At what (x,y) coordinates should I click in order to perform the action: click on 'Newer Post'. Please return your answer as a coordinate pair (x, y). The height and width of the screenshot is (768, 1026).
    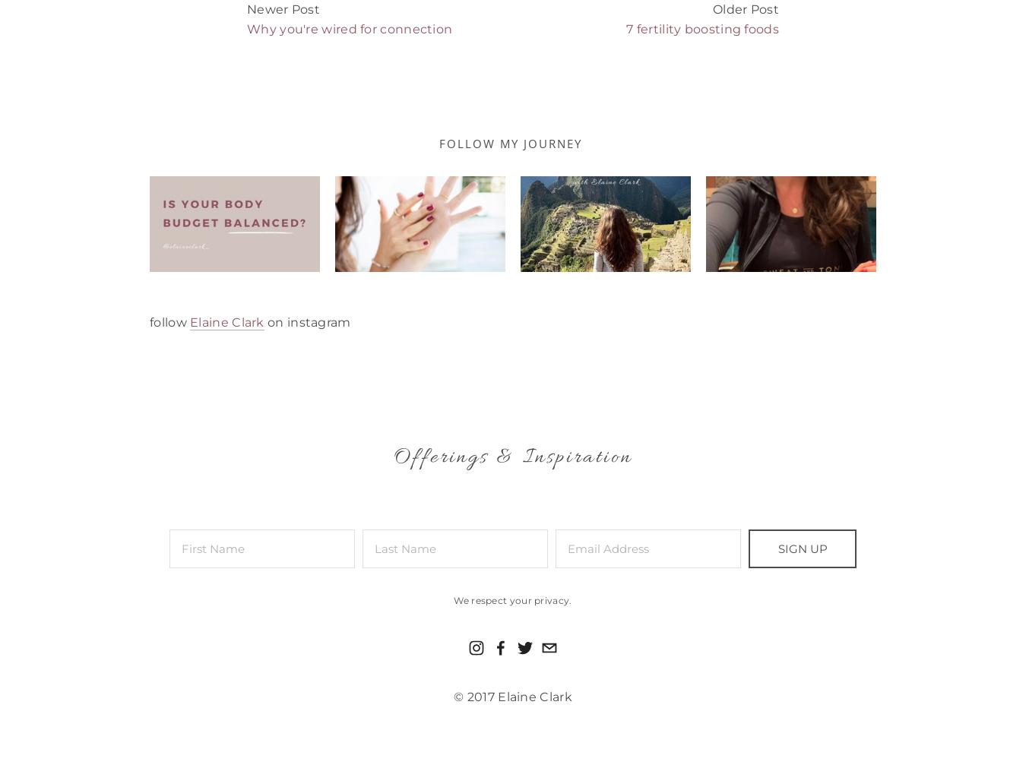
    Looking at the image, I should click on (283, 8).